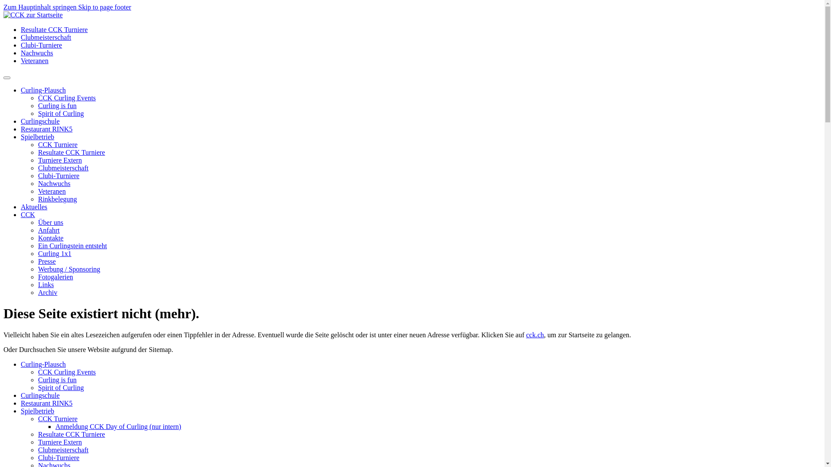  What do you see at coordinates (40, 7) in the screenshot?
I see `'Zum Hauptinhalt springen'` at bounding box center [40, 7].